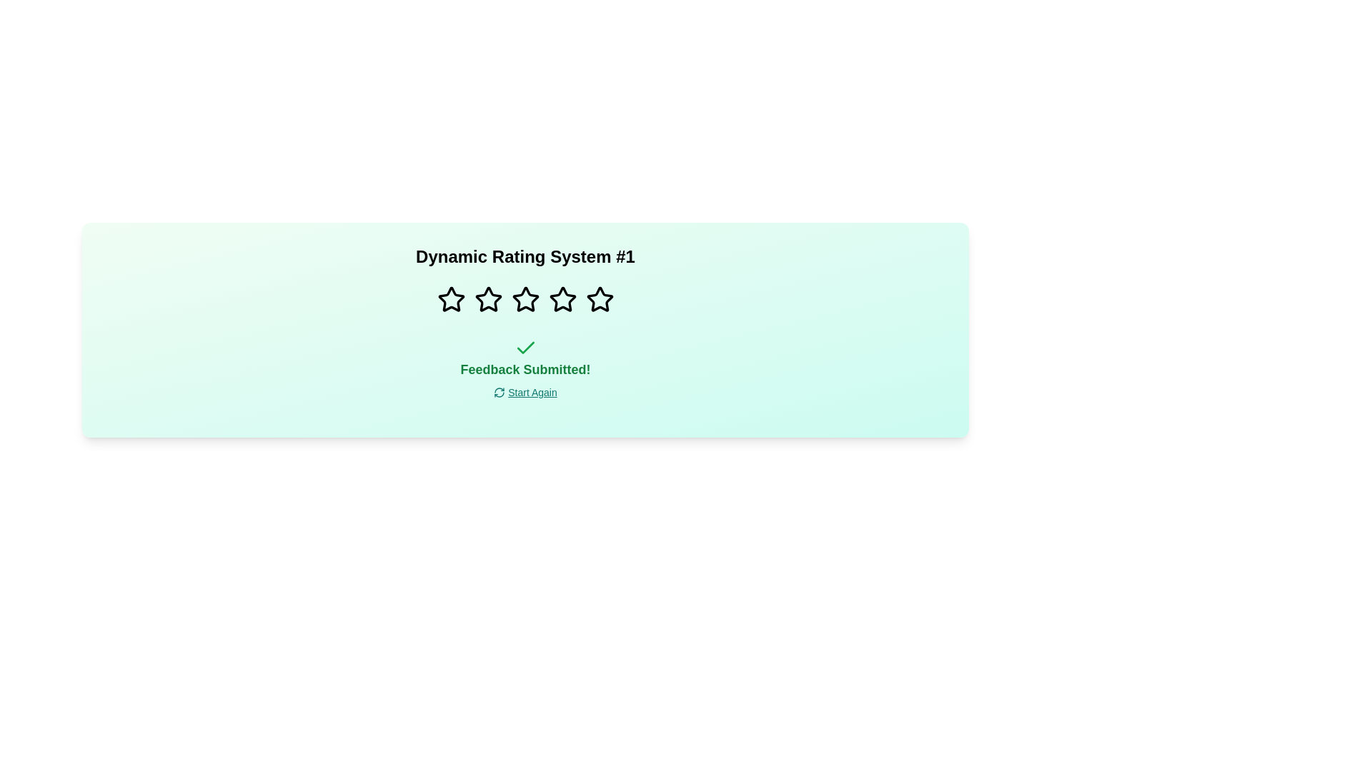 The width and height of the screenshot is (1372, 771). I want to click on the interactive hyperlink with a refresh icon located below the text 'Feedback Submitted!', so click(525, 393).